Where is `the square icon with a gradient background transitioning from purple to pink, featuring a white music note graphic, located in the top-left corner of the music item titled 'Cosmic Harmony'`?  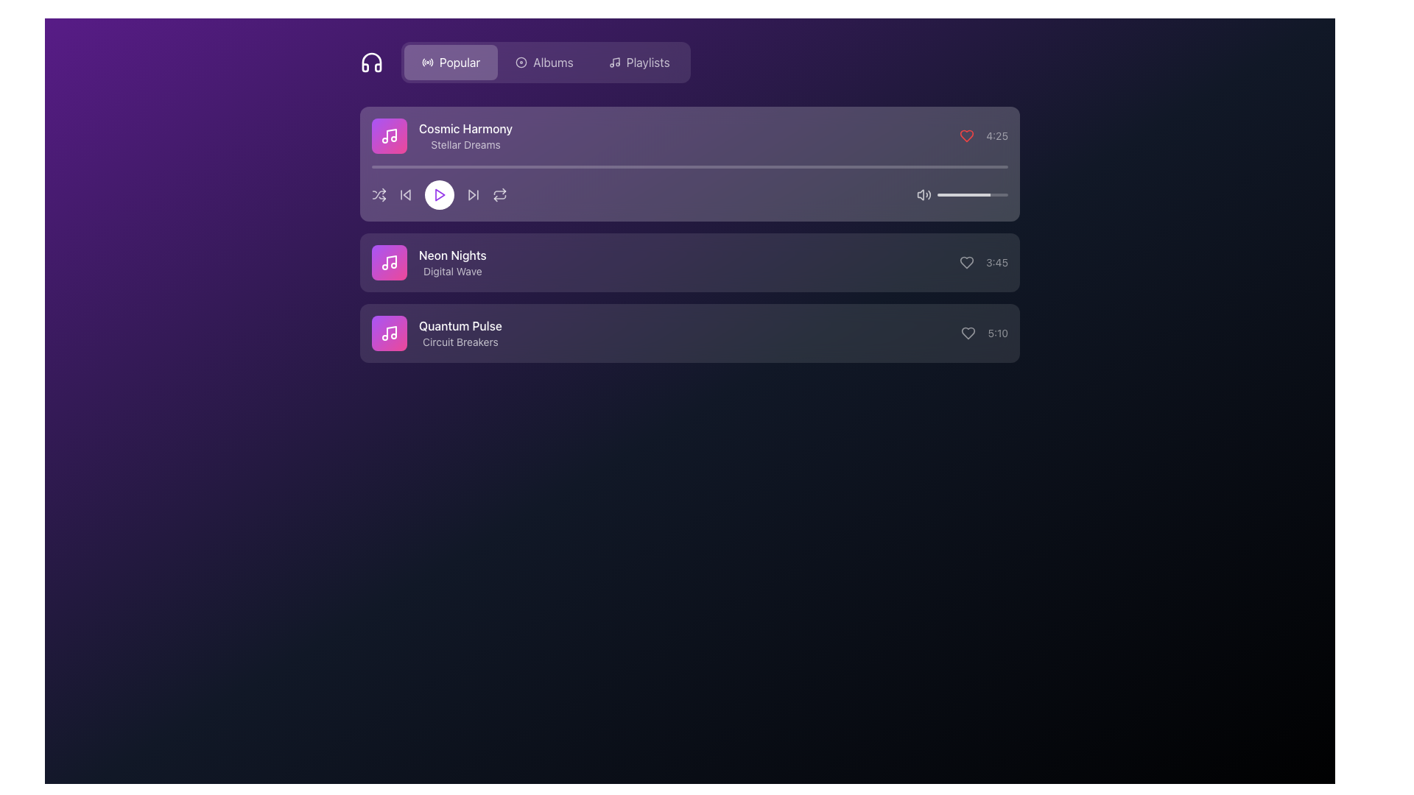
the square icon with a gradient background transitioning from purple to pink, featuring a white music note graphic, located in the top-left corner of the music item titled 'Cosmic Harmony' is located at coordinates (389, 136).